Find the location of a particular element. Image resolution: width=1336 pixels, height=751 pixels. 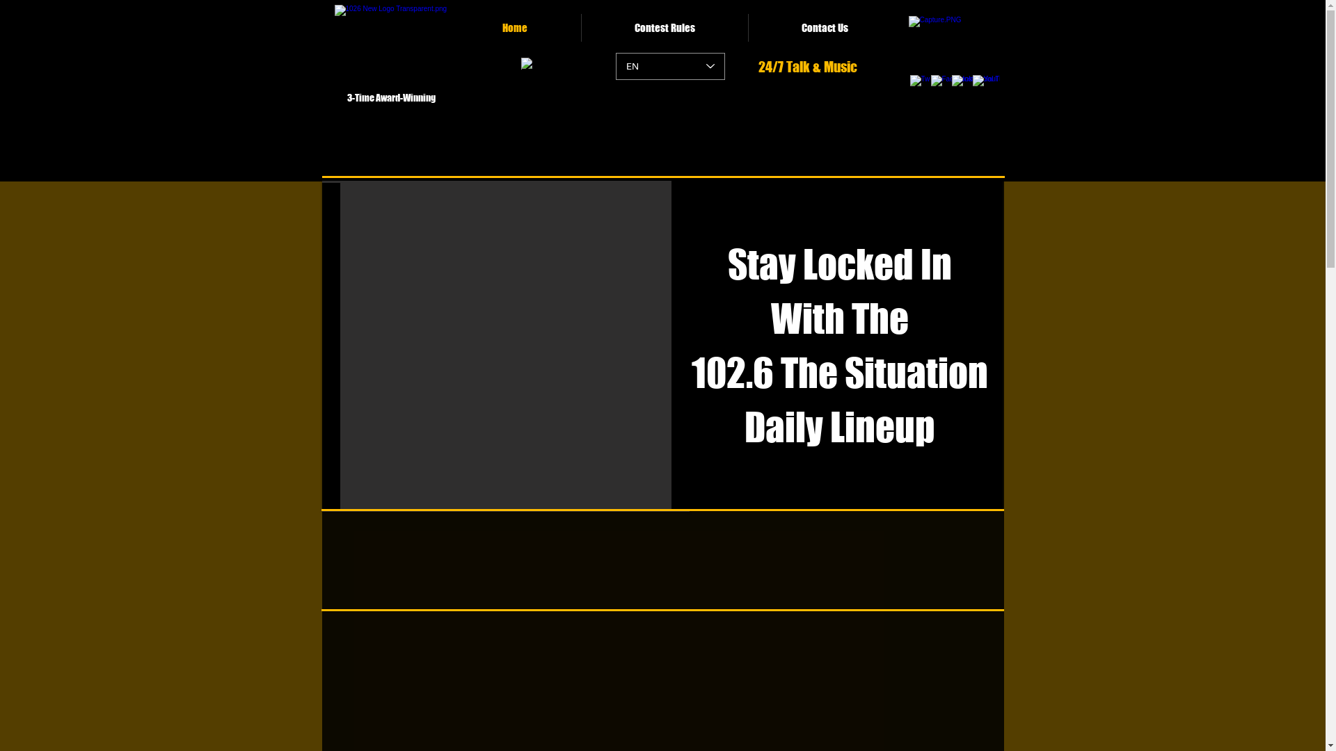

'Home' is located at coordinates (514, 27).